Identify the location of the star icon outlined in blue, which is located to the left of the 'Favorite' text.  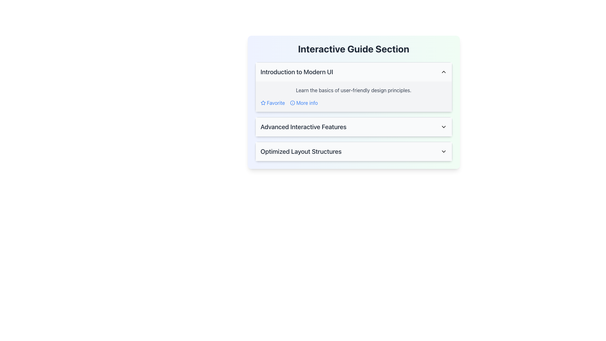
(263, 103).